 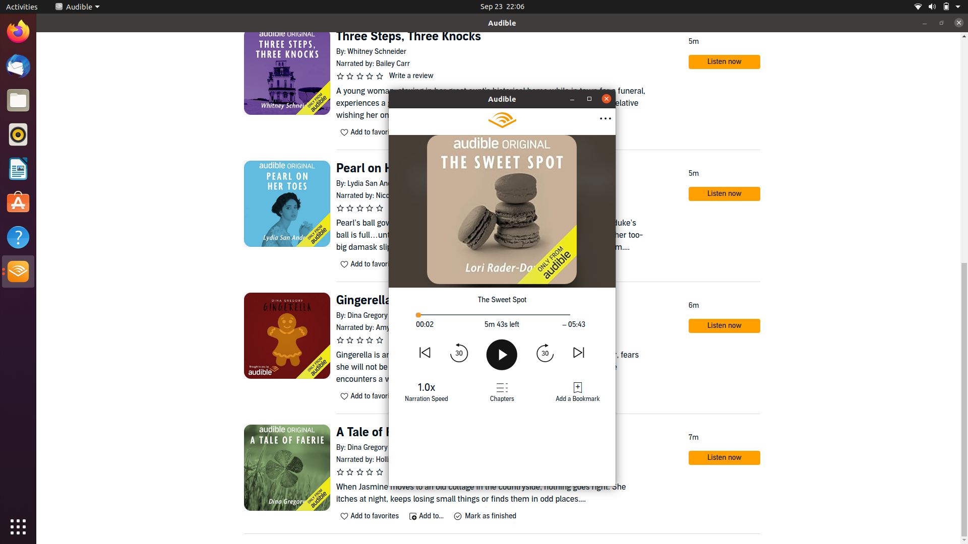 I want to click on Change narration speed to next available speed, so click(x=427, y=390).